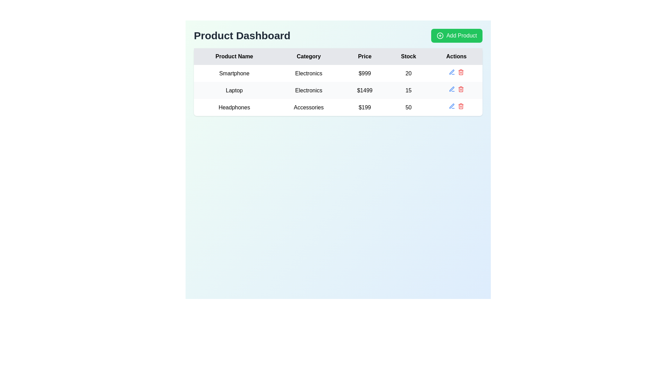 The width and height of the screenshot is (666, 375). Describe the element at coordinates (234, 90) in the screenshot. I see `the text label displaying the product name 'Laptop' in the product dashboard table, located in the second row beneath 'Smartphone'` at that location.